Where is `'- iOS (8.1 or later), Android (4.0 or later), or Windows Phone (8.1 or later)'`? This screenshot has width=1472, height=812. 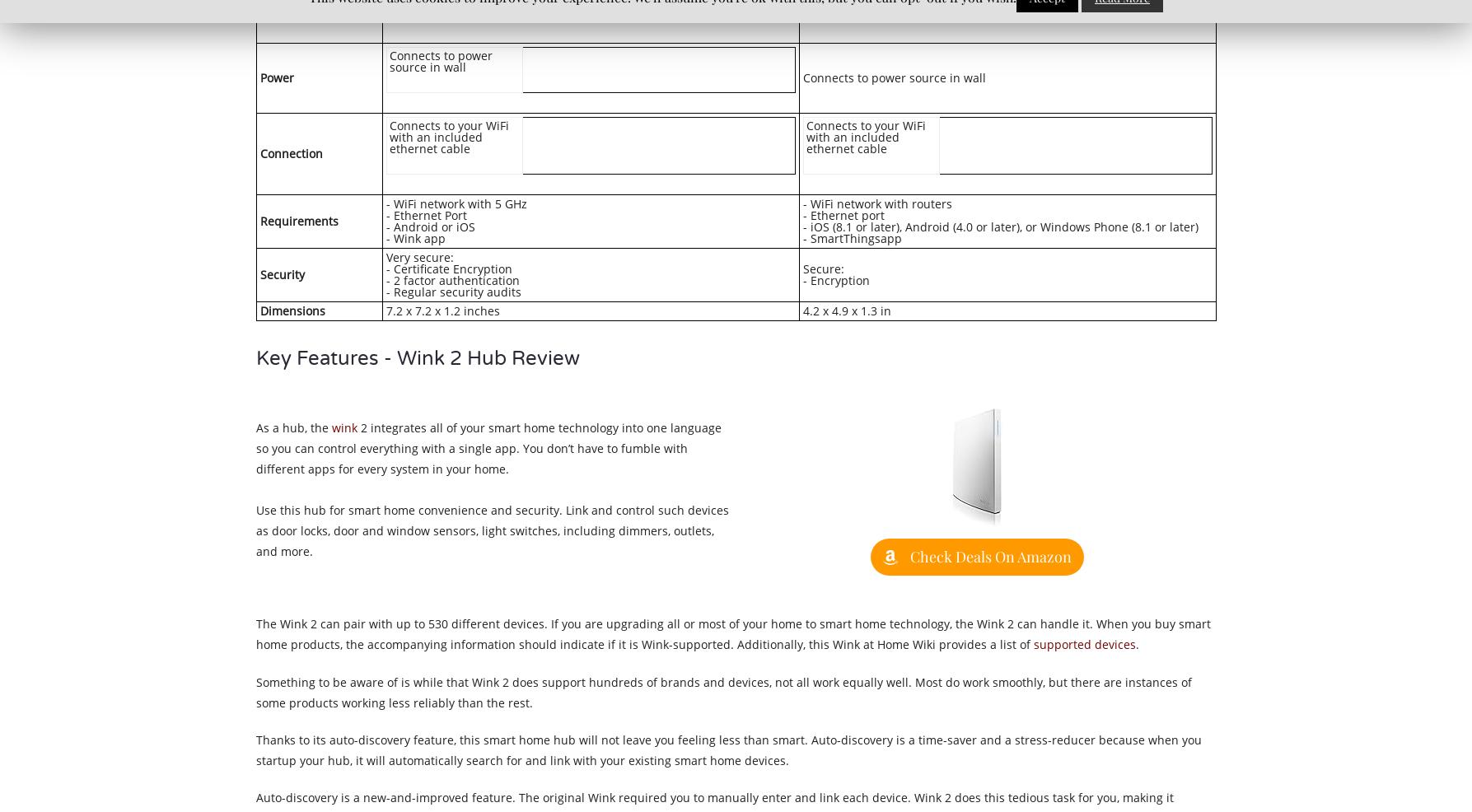 '- iOS (8.1 or later), Android (4.0 or later), or Windows Phone (8.1 or later)' is located at coordinates (1000, 226).